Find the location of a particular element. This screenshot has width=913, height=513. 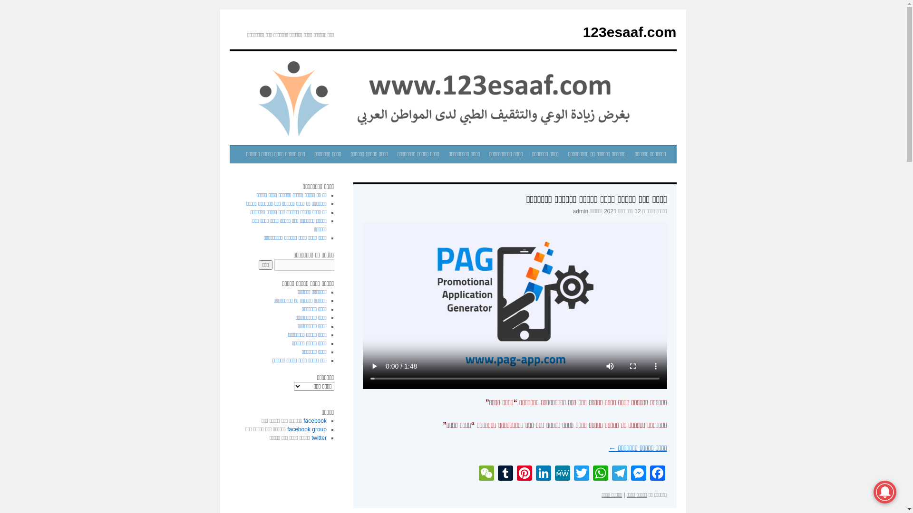

'twitter' is located at coordinates (319, 437).